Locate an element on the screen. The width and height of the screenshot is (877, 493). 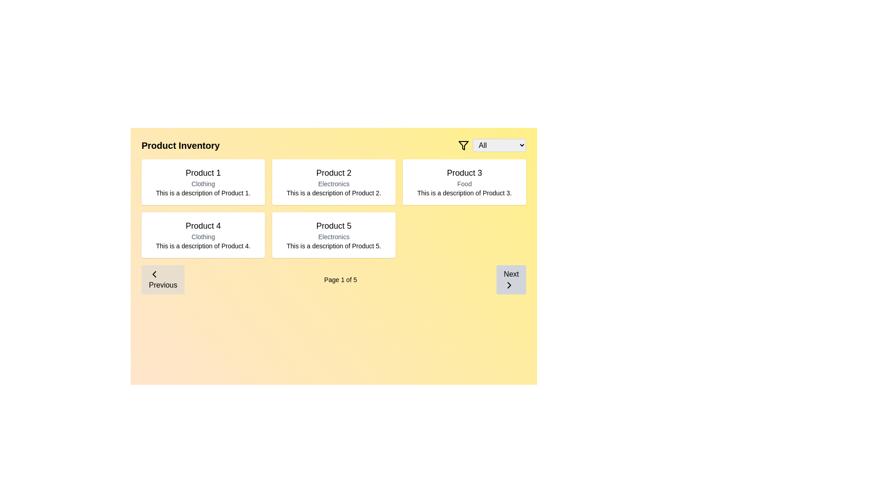
an option from the dropdown menu with gray border and rounded corners, labeled 'All', to filter the content is located at coordinates (499, 145).